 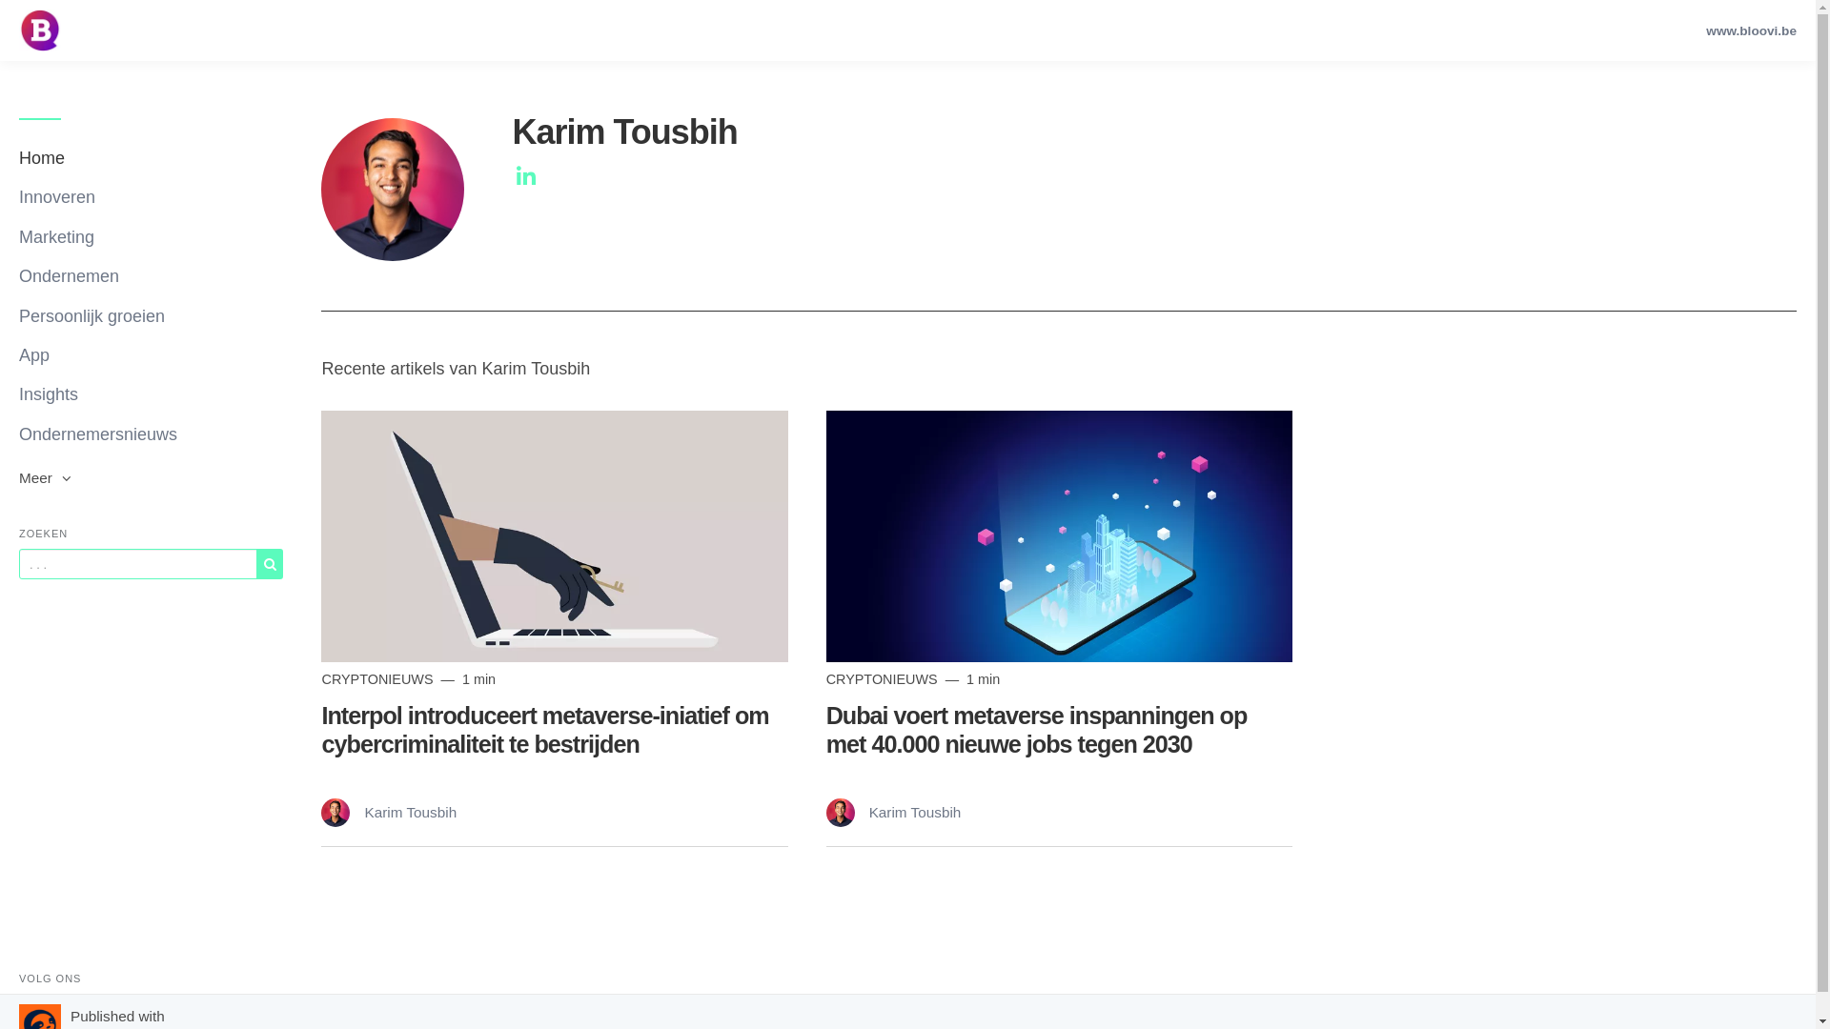 What do you see at coordinates (150, 355) in the screenshot?
I see `'App'` at bounding box center [150, 355].